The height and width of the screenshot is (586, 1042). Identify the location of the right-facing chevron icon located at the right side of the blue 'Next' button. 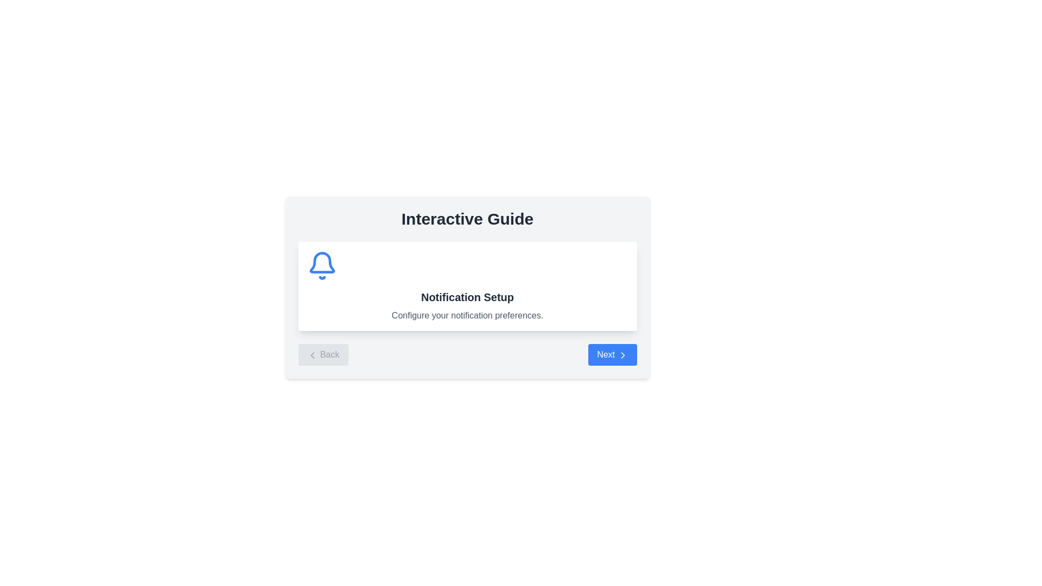
(622, 355).